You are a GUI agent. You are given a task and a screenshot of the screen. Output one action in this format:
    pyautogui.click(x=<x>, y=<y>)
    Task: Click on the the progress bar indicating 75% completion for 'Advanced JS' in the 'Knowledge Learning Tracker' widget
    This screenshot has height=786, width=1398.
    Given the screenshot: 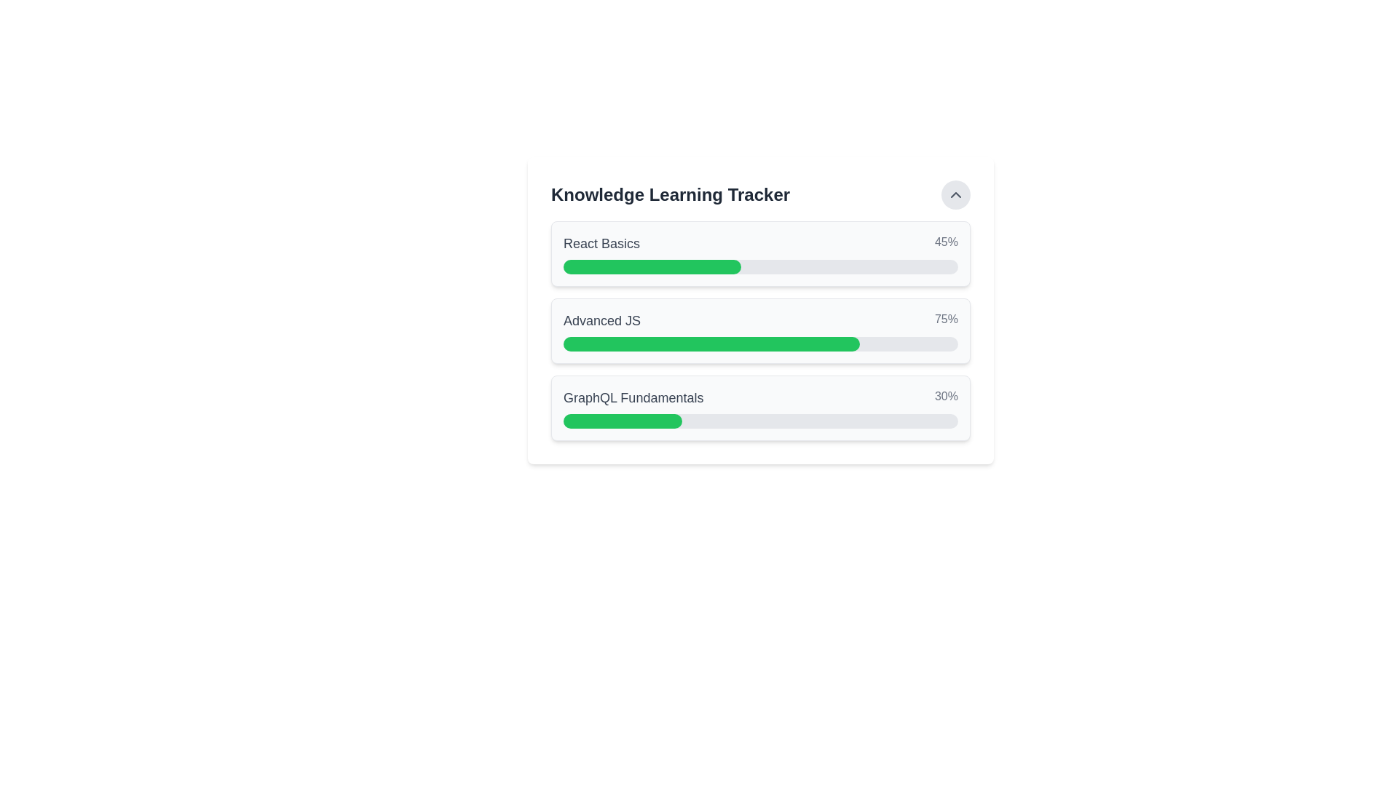 What is the action you would take?
    pyautogui.click(x=760, y=344)
    